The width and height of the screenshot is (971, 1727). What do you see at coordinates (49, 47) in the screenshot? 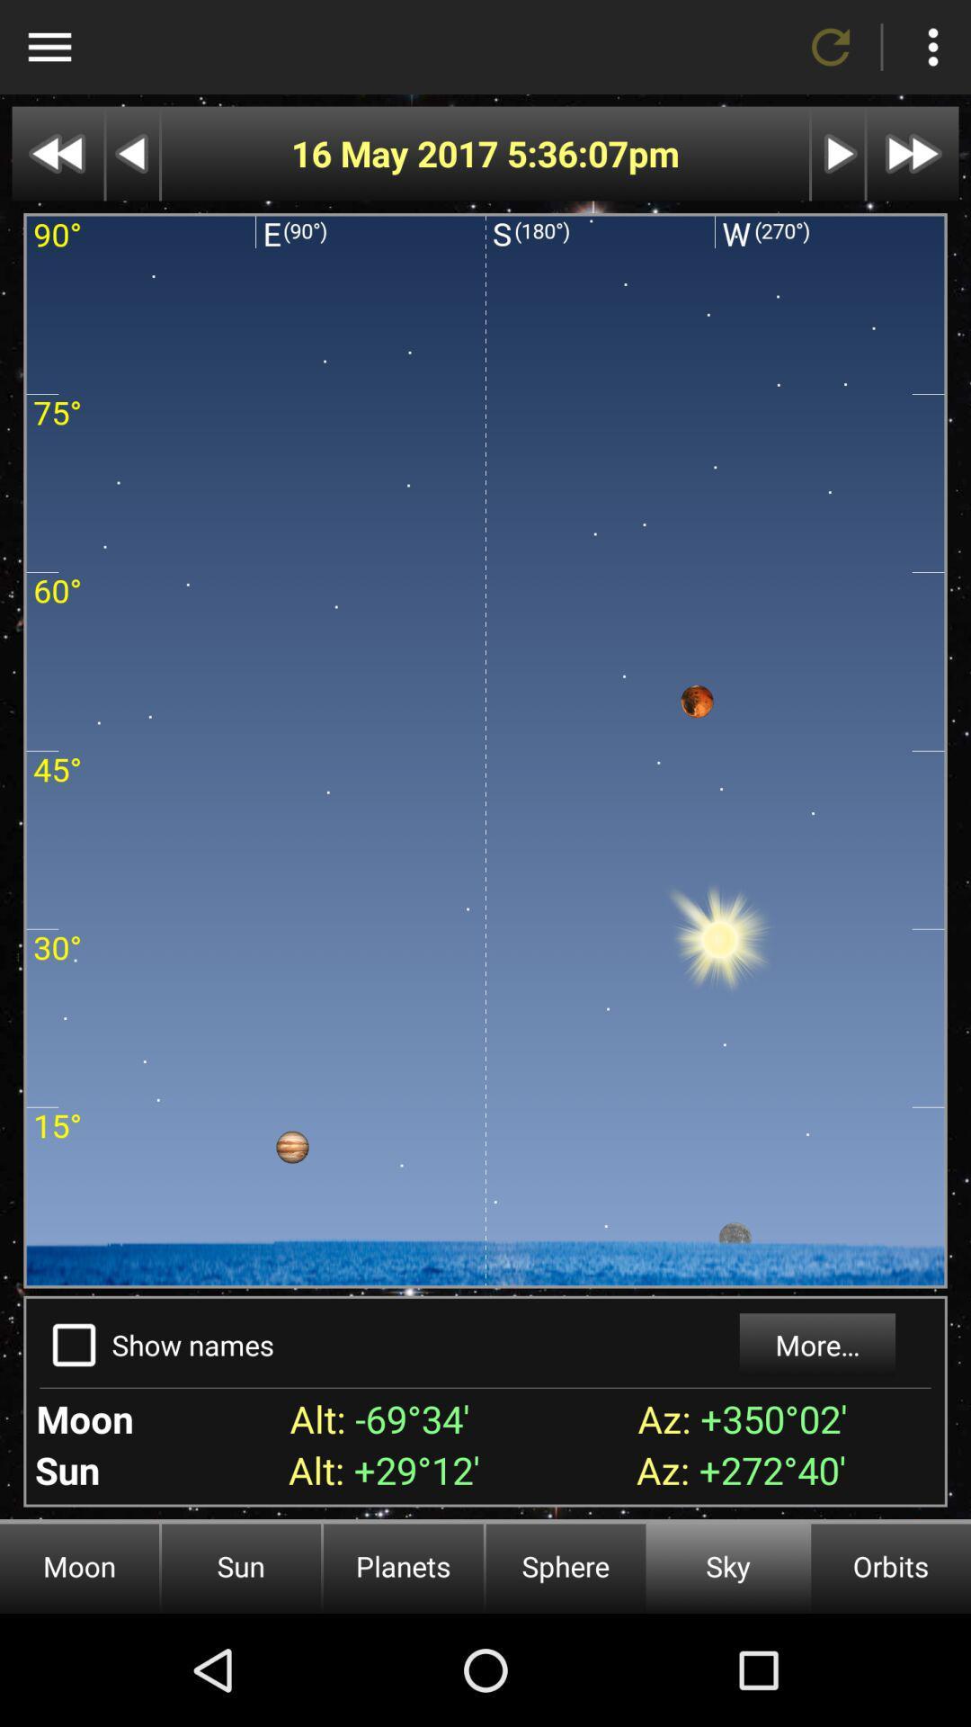
I see `access menu` at bounding box center [49, 47].